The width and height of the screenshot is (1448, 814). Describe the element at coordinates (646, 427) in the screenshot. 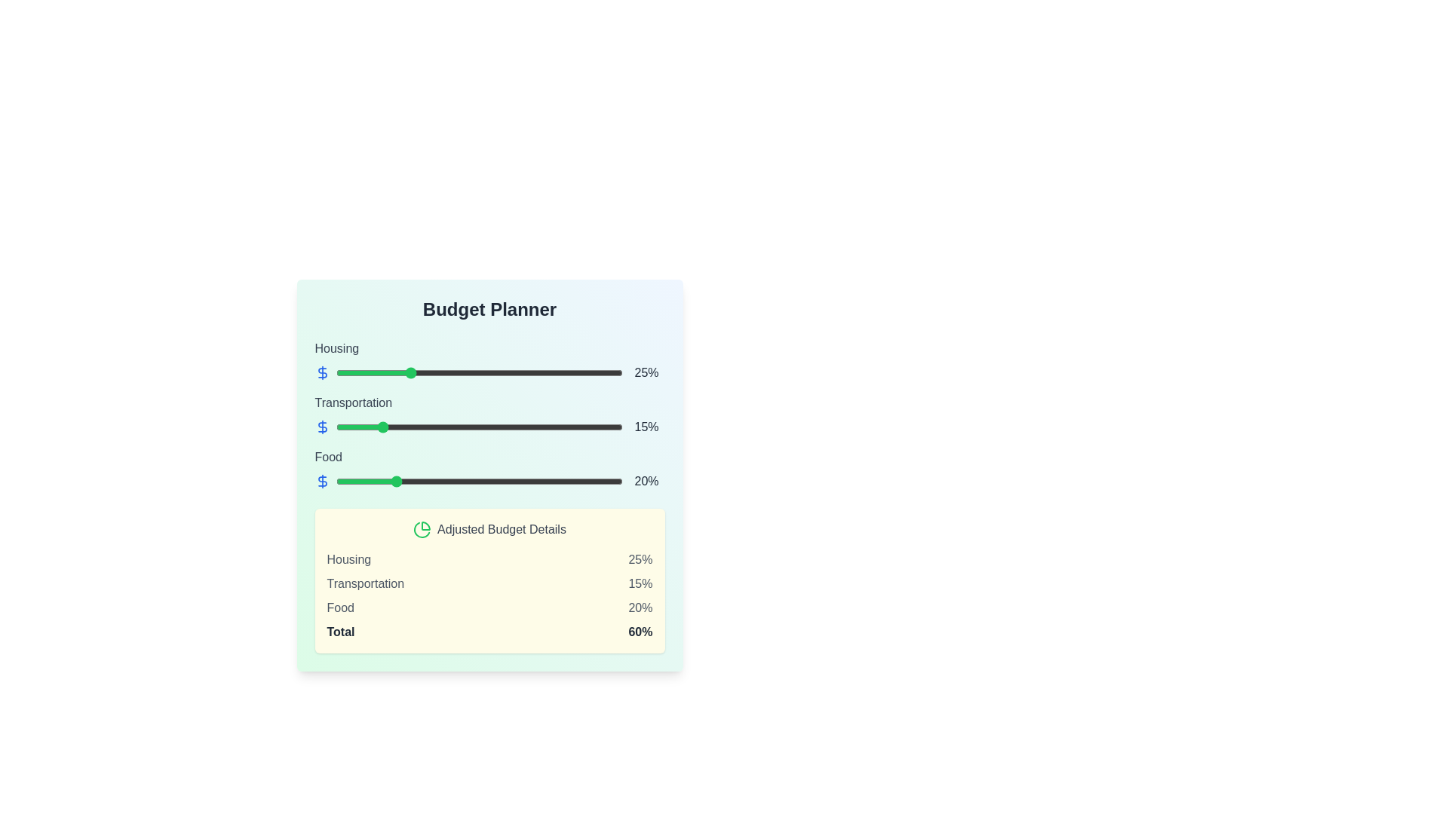

I see `displayed value from the bolded text '15%' in the Text Display located in the 'Transportation' section, which is aligned with a green slider` at that location.